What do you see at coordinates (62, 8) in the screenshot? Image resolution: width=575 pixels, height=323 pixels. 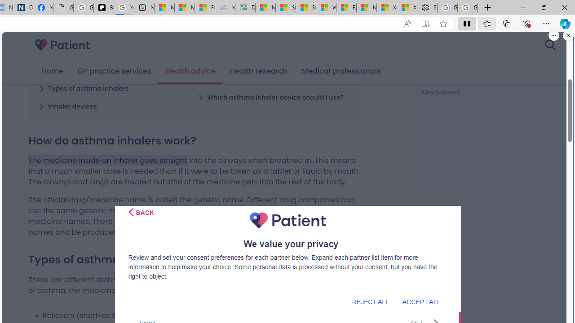 I see `'Google Analytics Opt-out Browser Add-on Download Page'` at bounding box center [62, 8].